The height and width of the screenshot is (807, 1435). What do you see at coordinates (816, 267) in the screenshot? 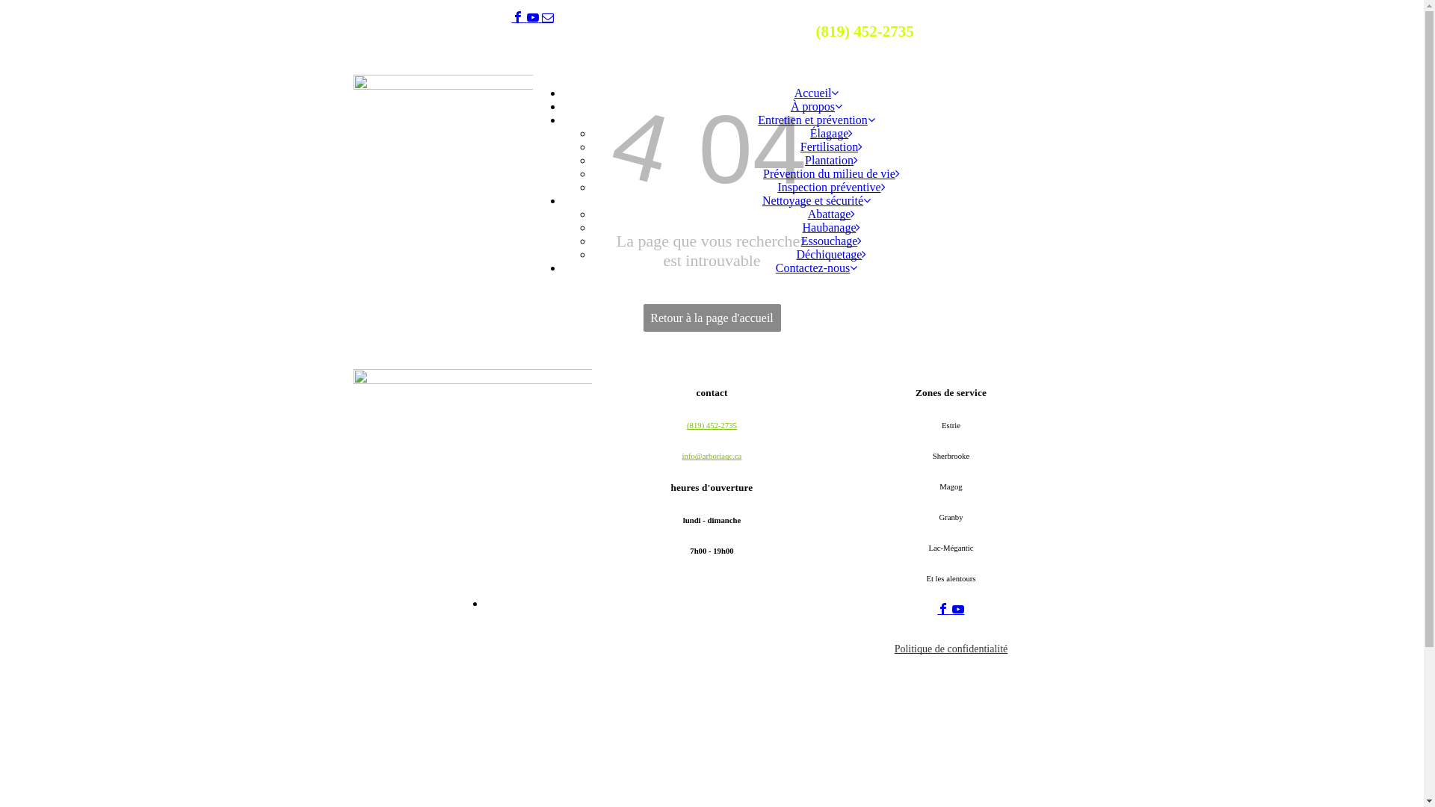
I see `'Contactez-nous'` at bounding box center [816, 267].